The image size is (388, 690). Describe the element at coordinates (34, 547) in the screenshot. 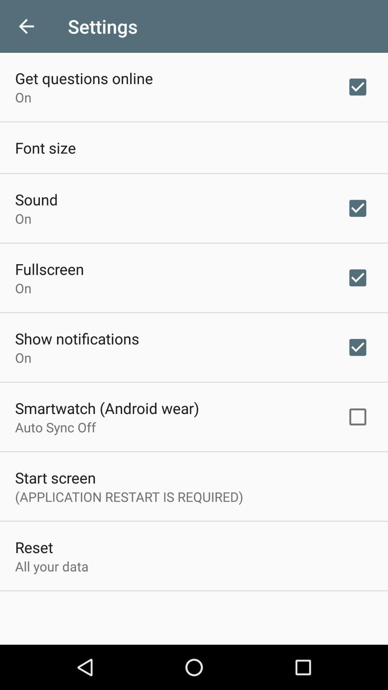

I see `reset item` at that location.